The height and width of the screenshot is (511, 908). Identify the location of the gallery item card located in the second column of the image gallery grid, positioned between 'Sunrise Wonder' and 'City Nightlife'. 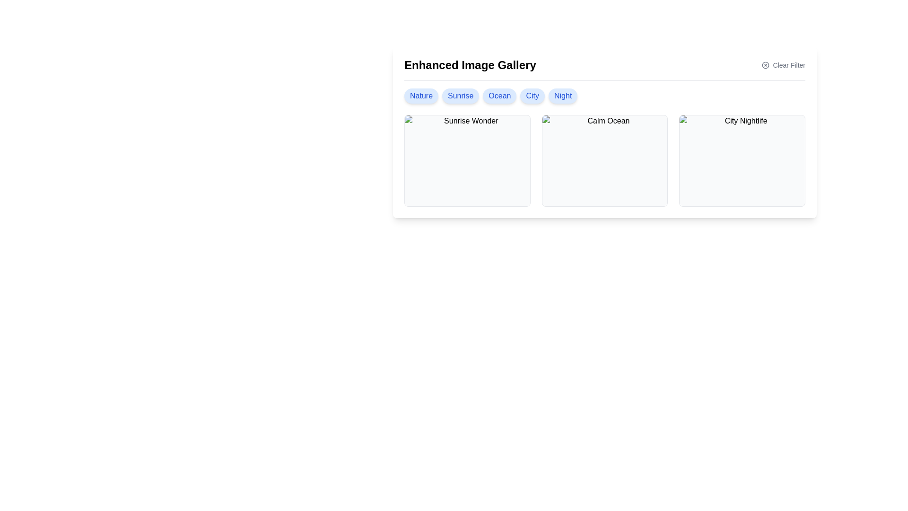
(604, 132).